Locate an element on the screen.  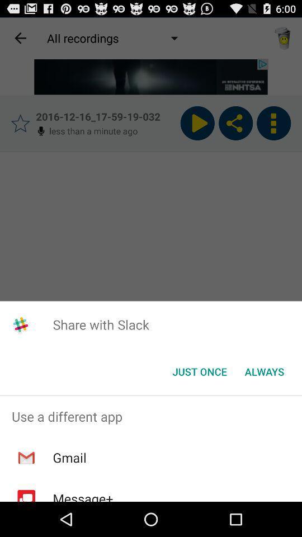
the item next to the just once icon is located at coordinates (264, 371).